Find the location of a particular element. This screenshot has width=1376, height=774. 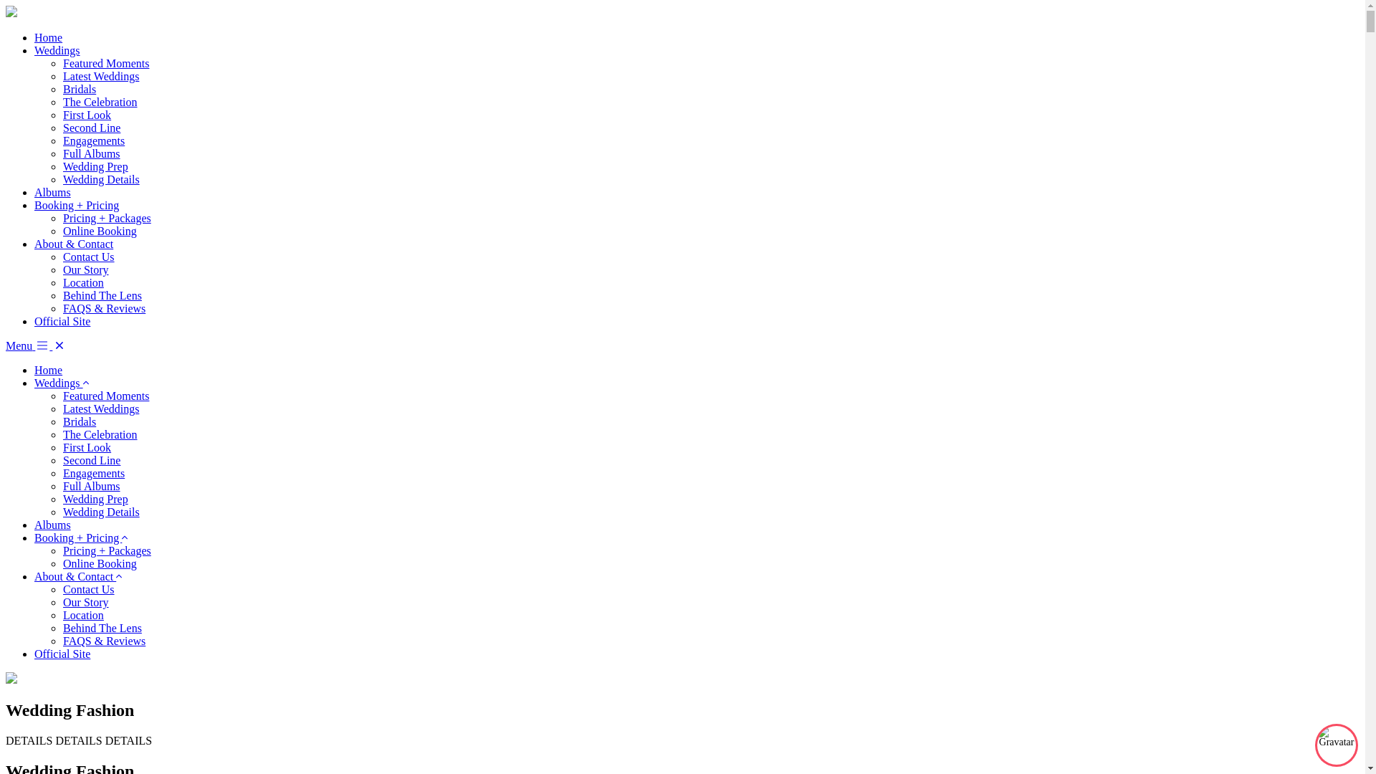

'Full Albums' is located at coordinates (91, 485).